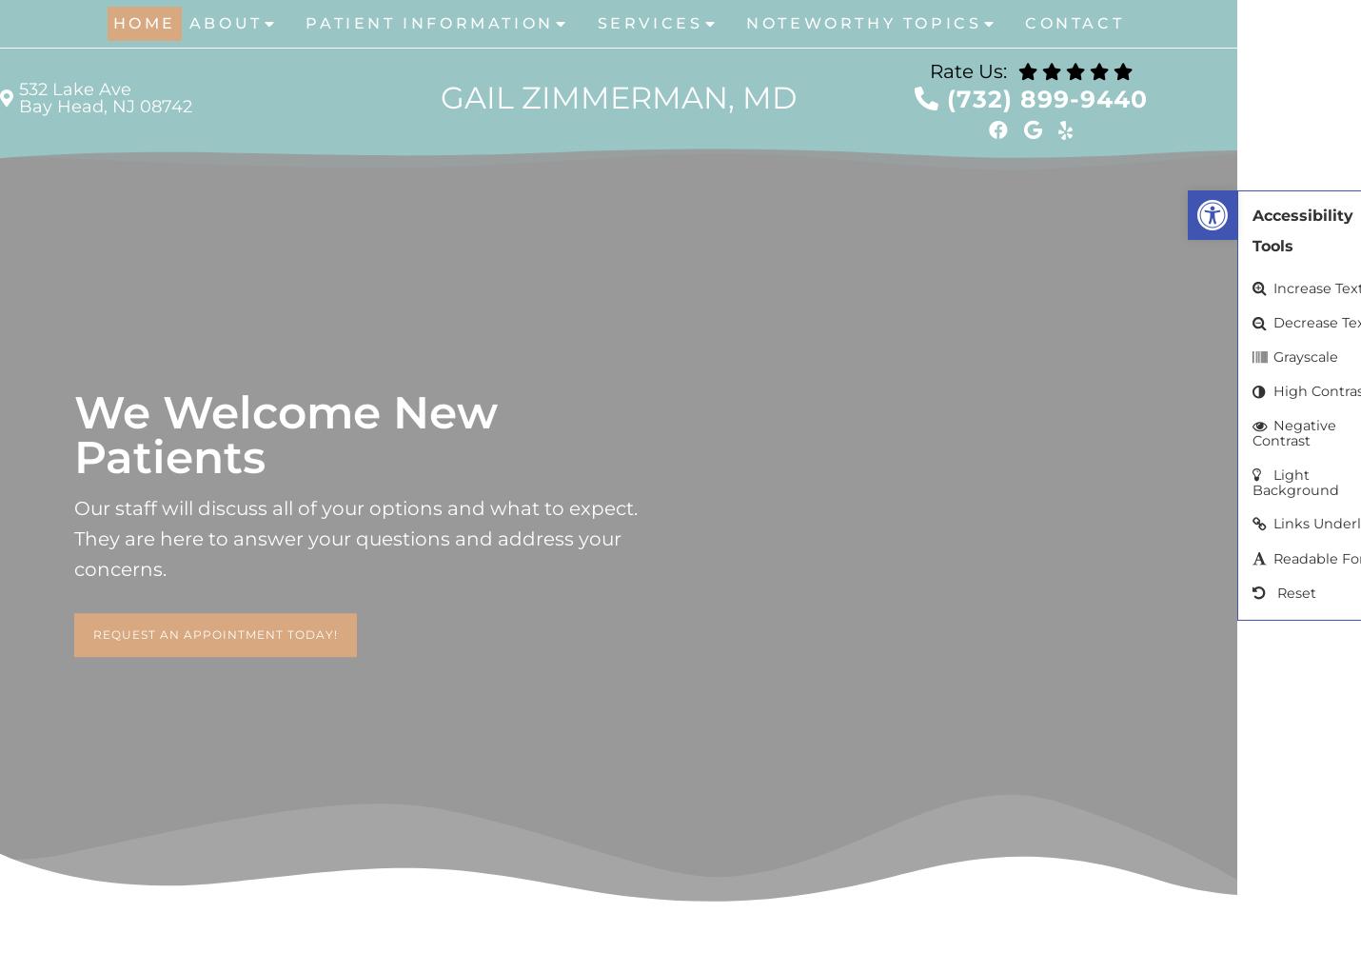 Image resolution: width=1361 pixels, height=973 pixels. I want to click on 'Preventive Medicine', so click(660, 194).